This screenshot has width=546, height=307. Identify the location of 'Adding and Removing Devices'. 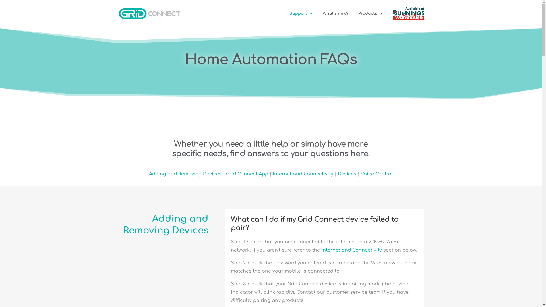
(185, 174).